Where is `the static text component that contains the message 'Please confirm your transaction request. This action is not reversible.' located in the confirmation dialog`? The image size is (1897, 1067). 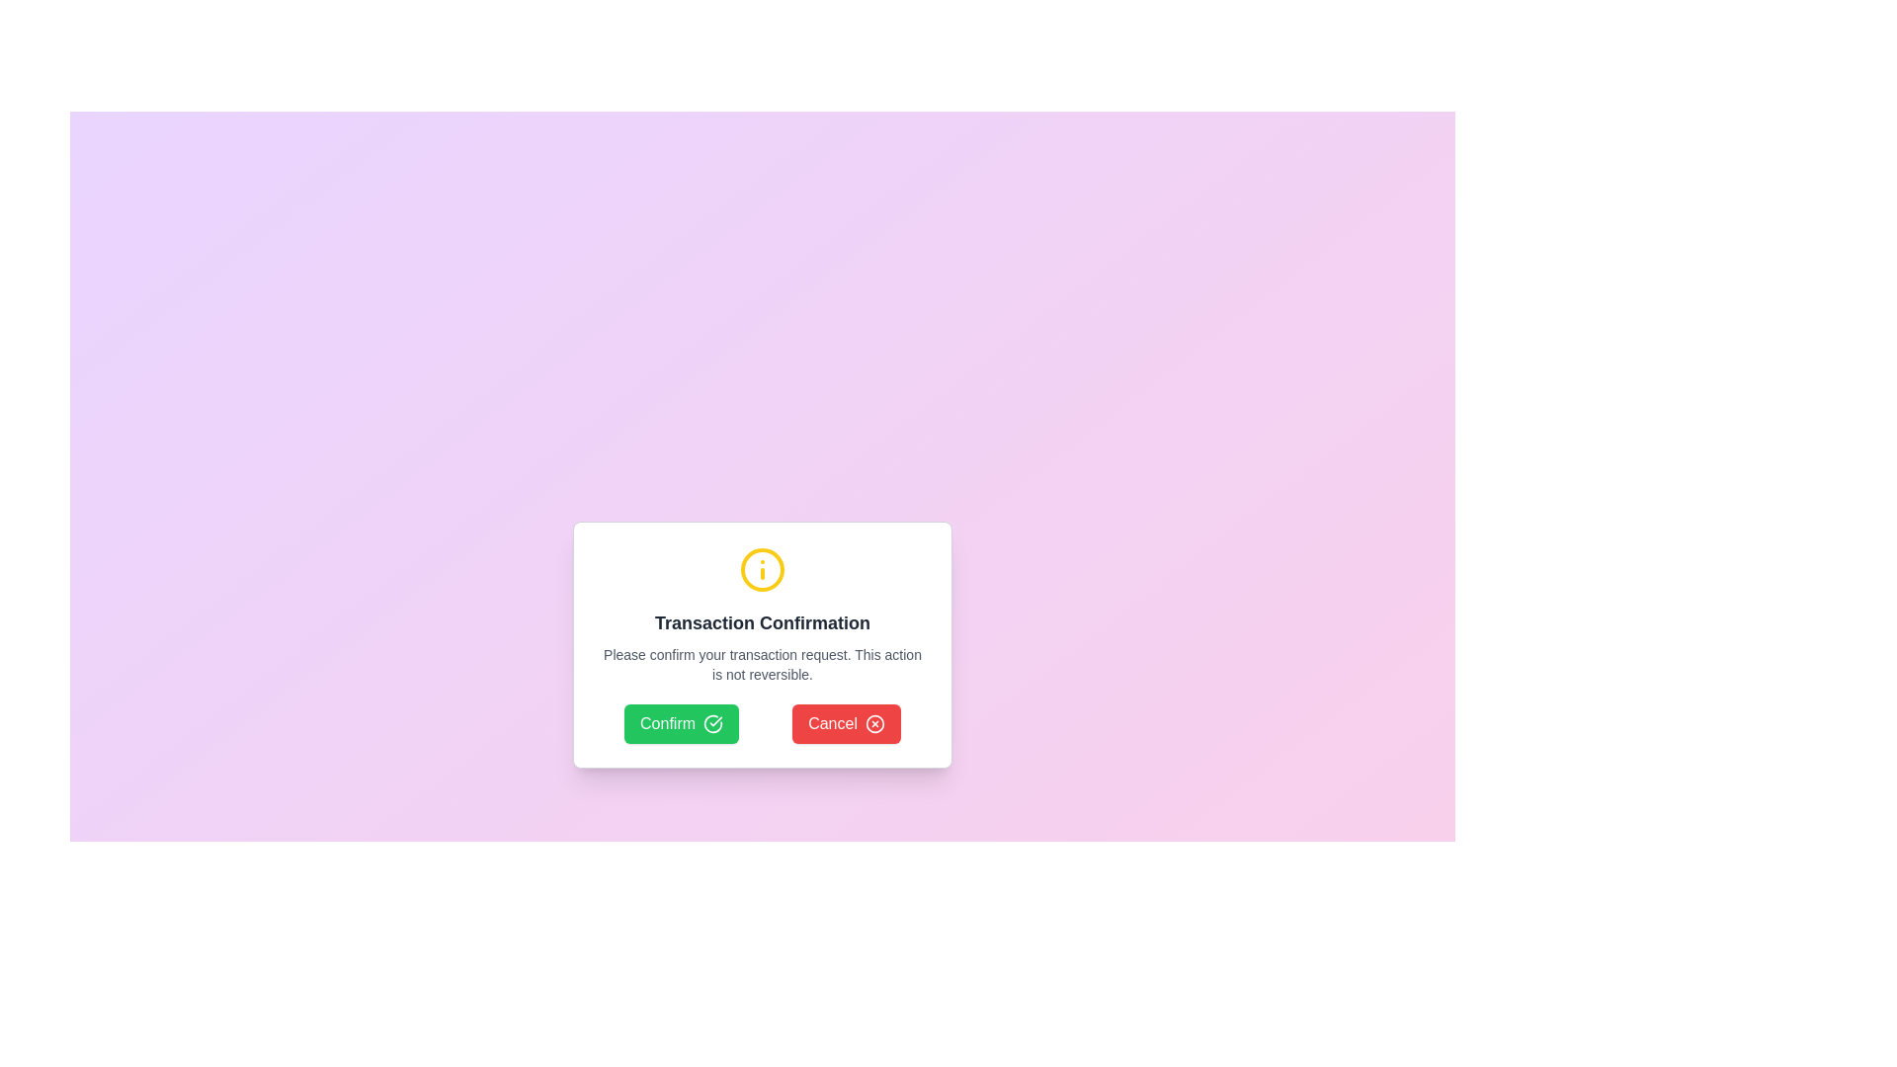
the static text component that contains the message 'Please confirm your transaction request. This action is not reversible.' located in the confirmation dialog is located at coordinates (762, 664).